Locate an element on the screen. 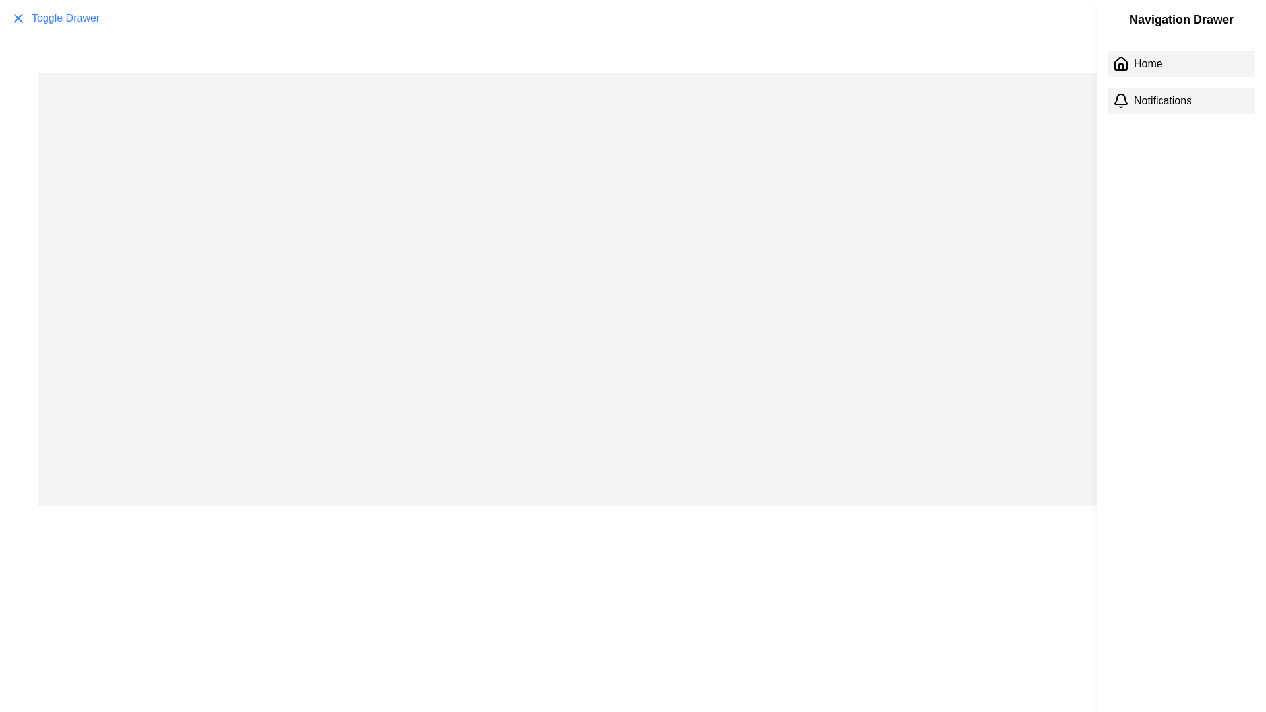 The image size is (1266, 712). the house-shaped icon is located at coordinates (1120, 63).